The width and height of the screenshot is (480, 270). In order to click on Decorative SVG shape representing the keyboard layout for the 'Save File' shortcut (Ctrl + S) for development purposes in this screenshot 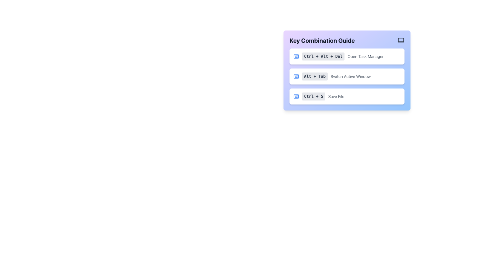, I will do `click(296, 96)`.